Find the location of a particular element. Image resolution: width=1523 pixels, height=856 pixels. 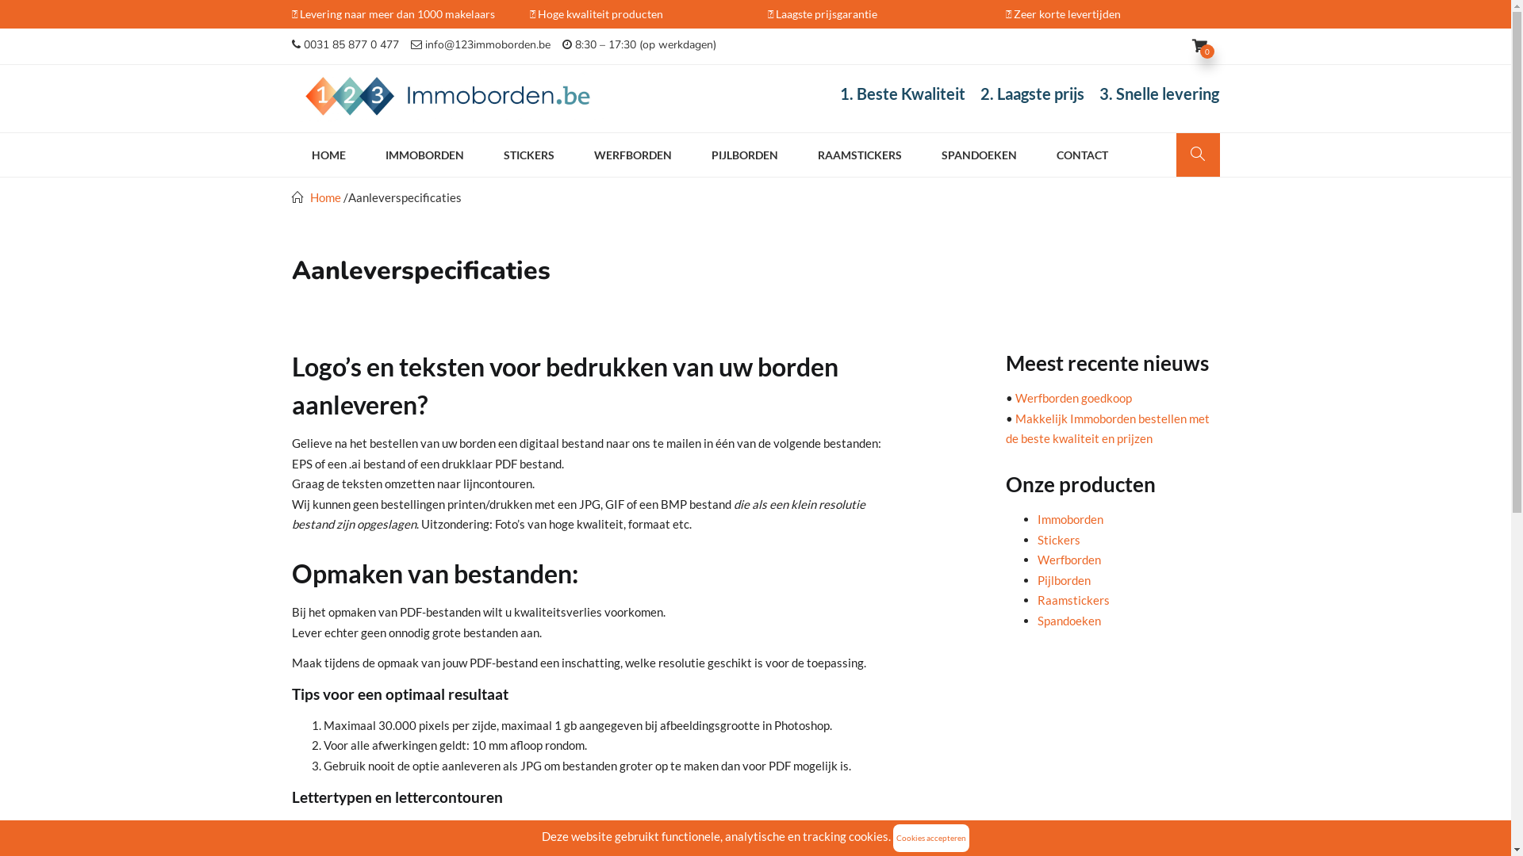

'Werfborden goedkoop' is located at coordinates (1073, 396).